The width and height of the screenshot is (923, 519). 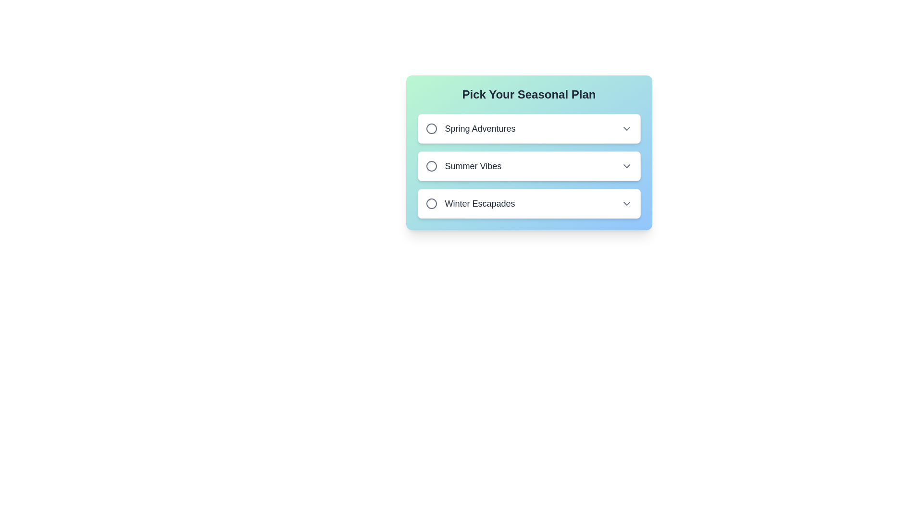 I want to click on to select the 'Winter Escapades' option from the interactive selectable list item located at the bottom of the options under the title 'Pick Your Seasonal Plan', so click(x=528, y=203).